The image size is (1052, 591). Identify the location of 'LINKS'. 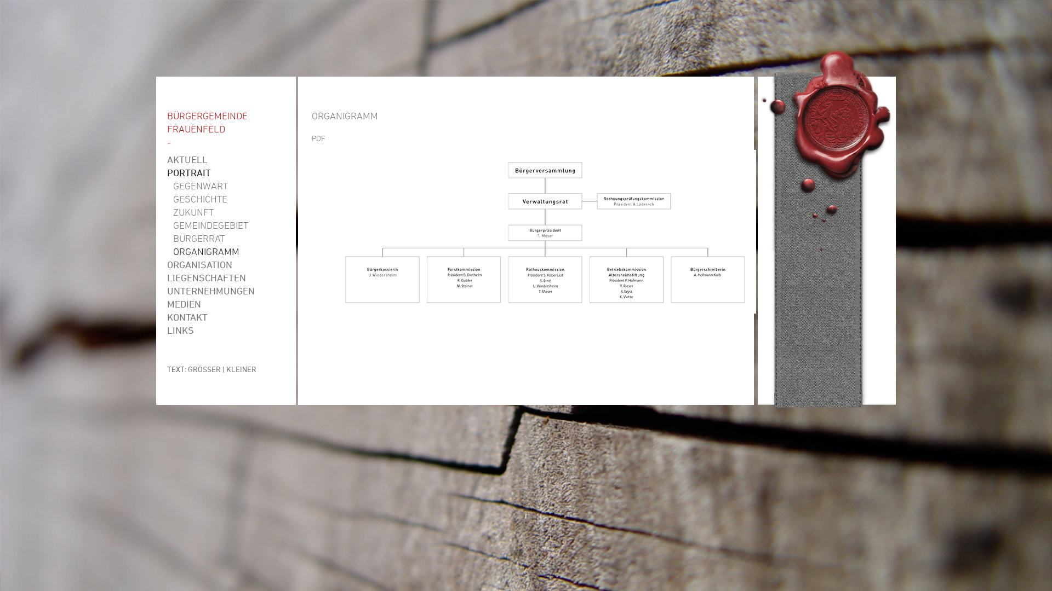
(225, 330).